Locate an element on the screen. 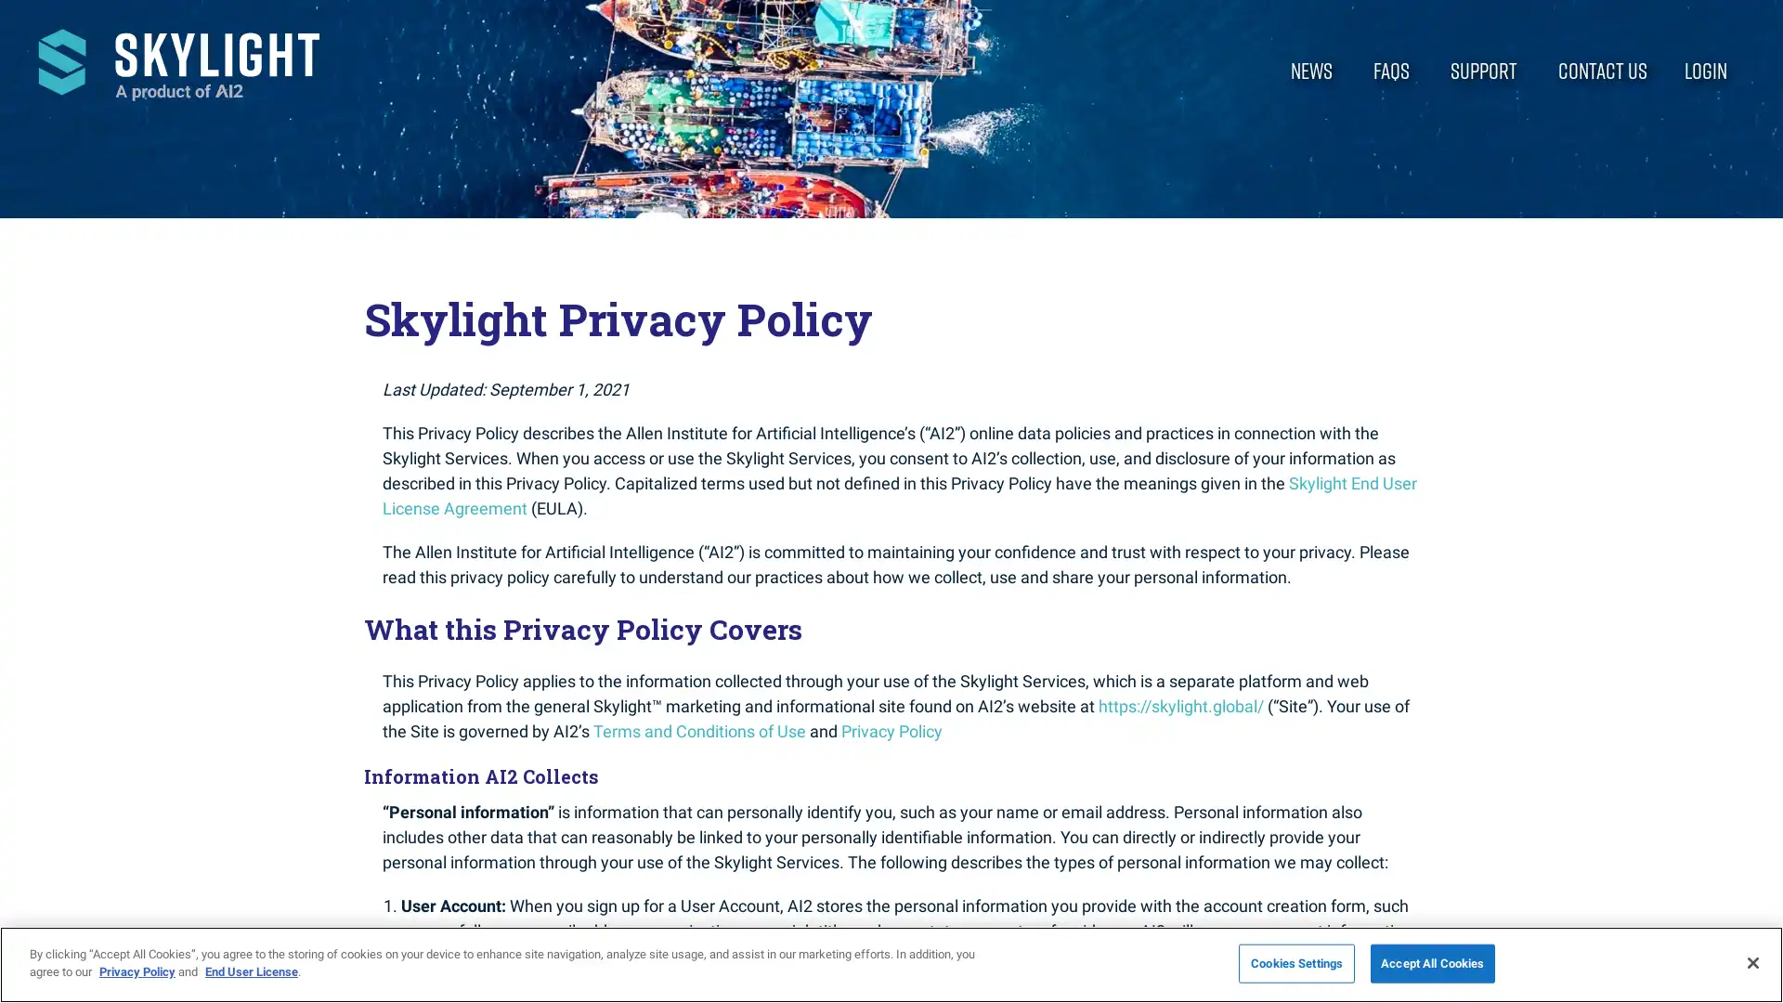 The height and width of the screenshot is (1003, 1783). Accept All Cookies is located at coordinates (1431, 962).